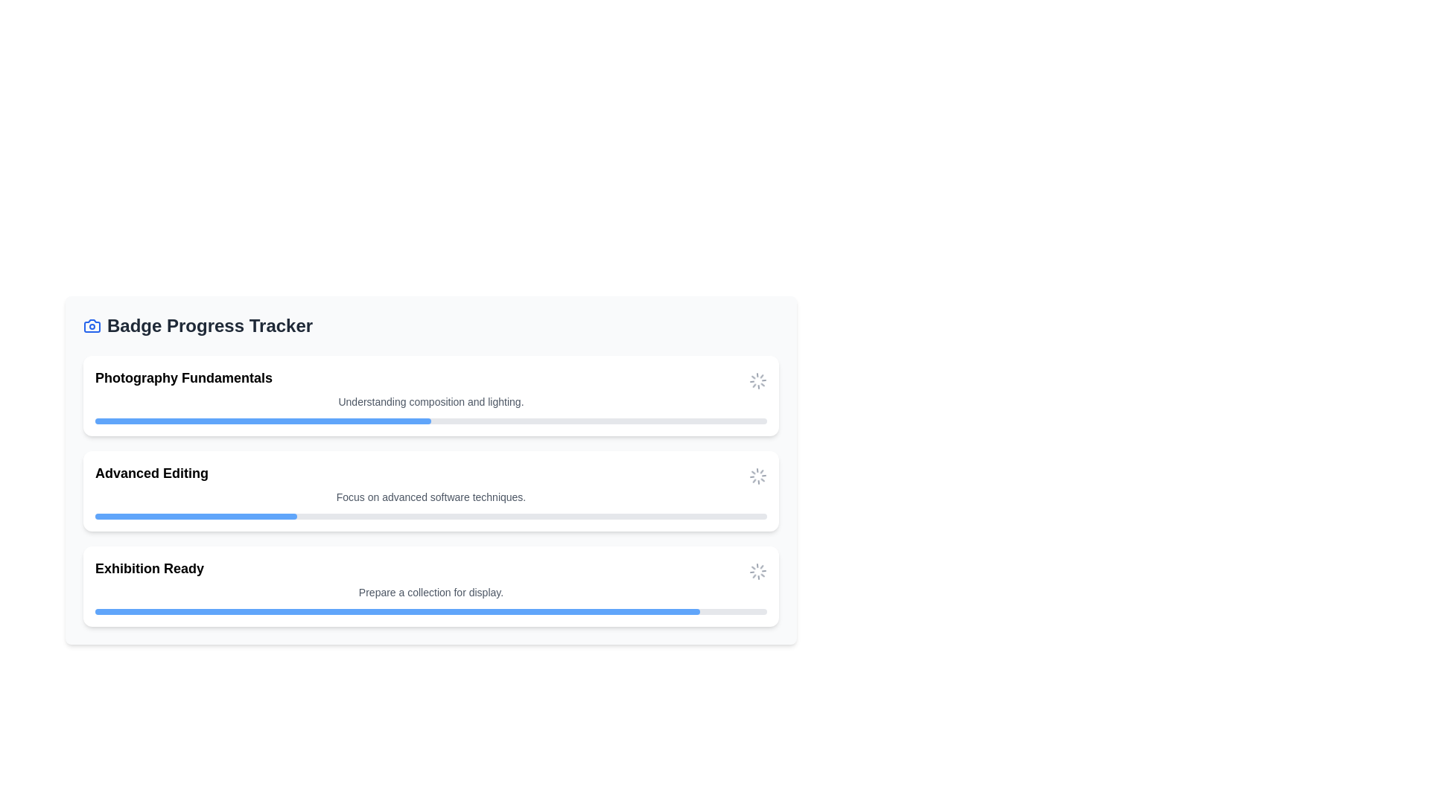  What do you see at coordinates (430, 611) in the screenshot?
I see `the progress represented by the Progress Bar located at the bottom of the 'Exhibition Ready' section, below the text 'Prepare a collection for display.'` at bounding box center [430, 611].